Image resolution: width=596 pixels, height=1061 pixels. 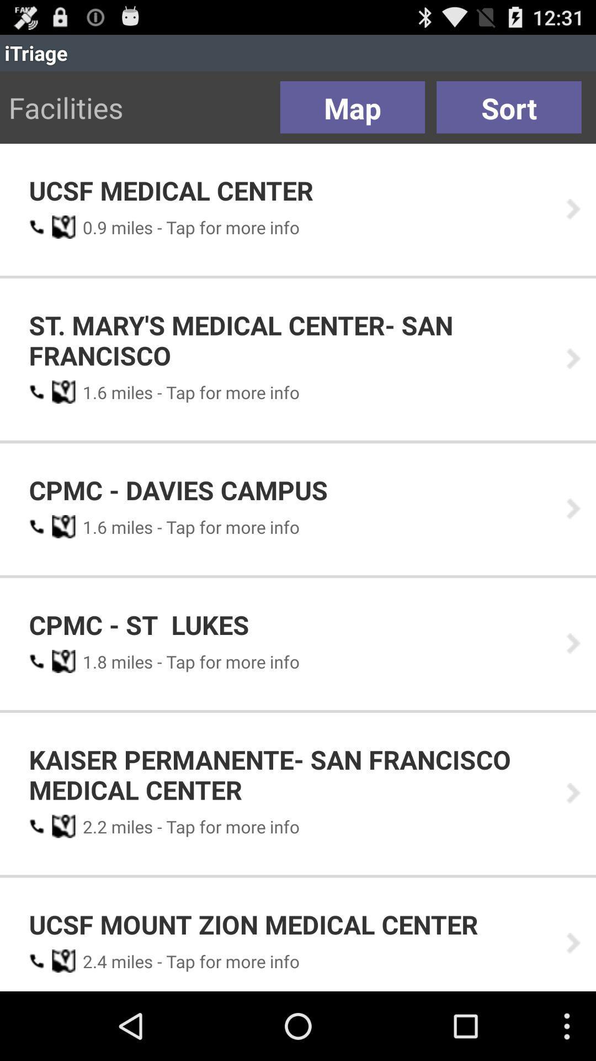 I want to click on item below itriage, so click(x=509, y=107).